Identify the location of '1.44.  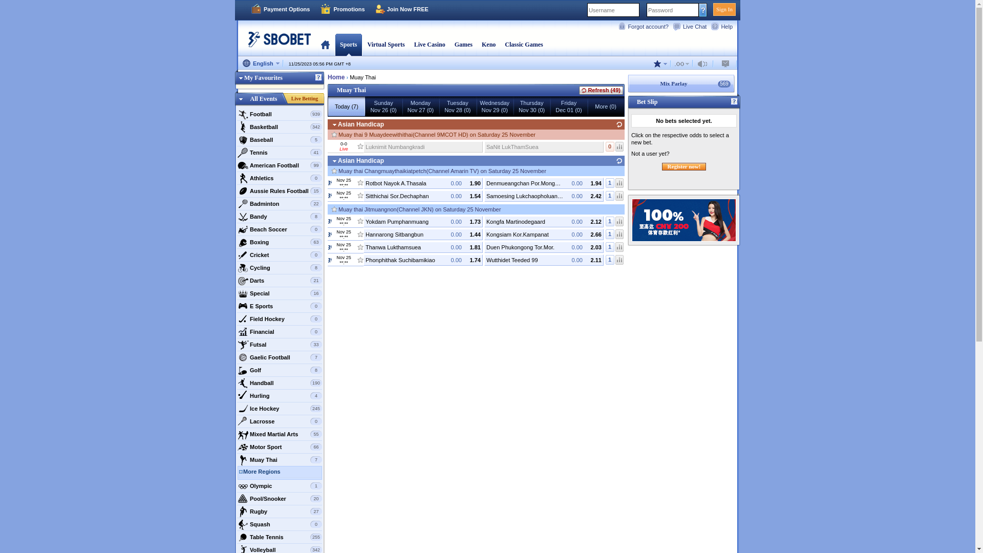
(423, 235).